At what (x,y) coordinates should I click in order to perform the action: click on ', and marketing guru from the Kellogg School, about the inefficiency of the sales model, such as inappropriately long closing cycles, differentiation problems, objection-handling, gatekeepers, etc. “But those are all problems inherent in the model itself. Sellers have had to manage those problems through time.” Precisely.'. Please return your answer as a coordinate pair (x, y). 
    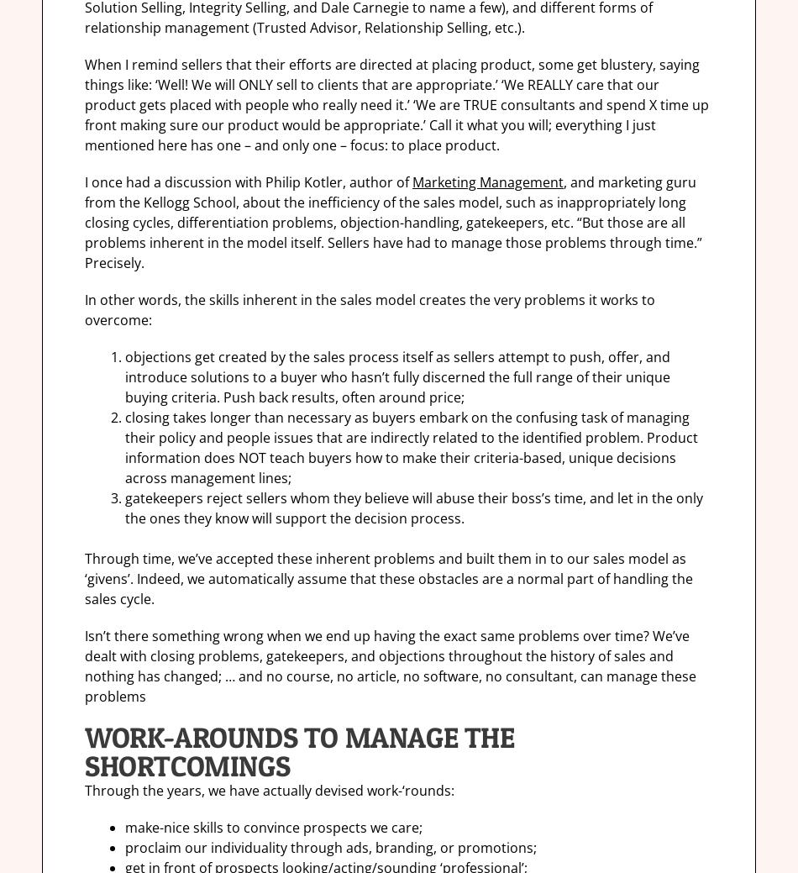
    Looking at the image, I should click on (84, 223).